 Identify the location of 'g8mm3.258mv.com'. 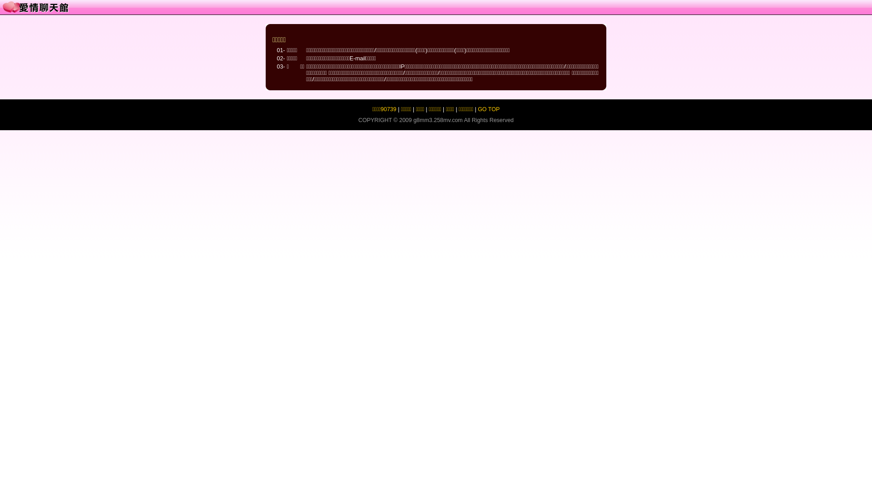
(413, 120).